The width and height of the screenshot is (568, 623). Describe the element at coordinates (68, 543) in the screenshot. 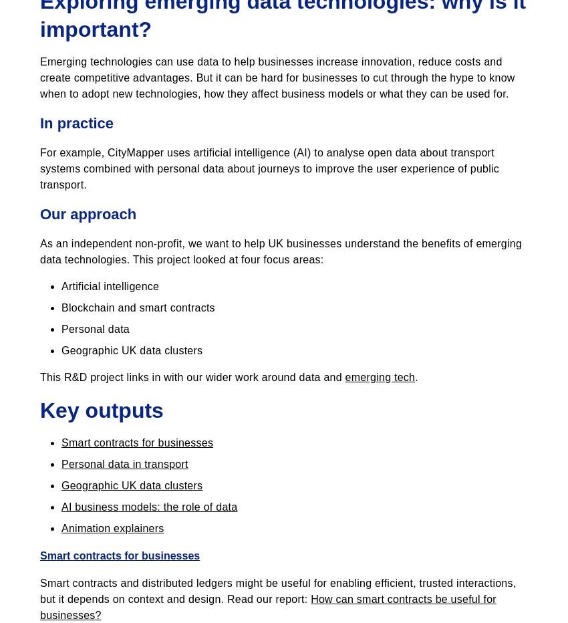

I see `'Our policies'` at that location.